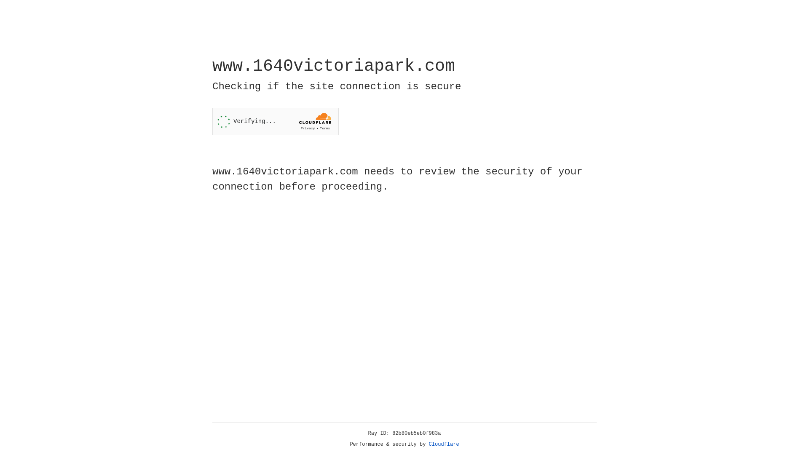 The width and height of the screenshot is (809, 455). Describe the element at coordinates (275, 121) in the screenshot. I see `'Widget containing a Cloudflare security challenge'` at that location.